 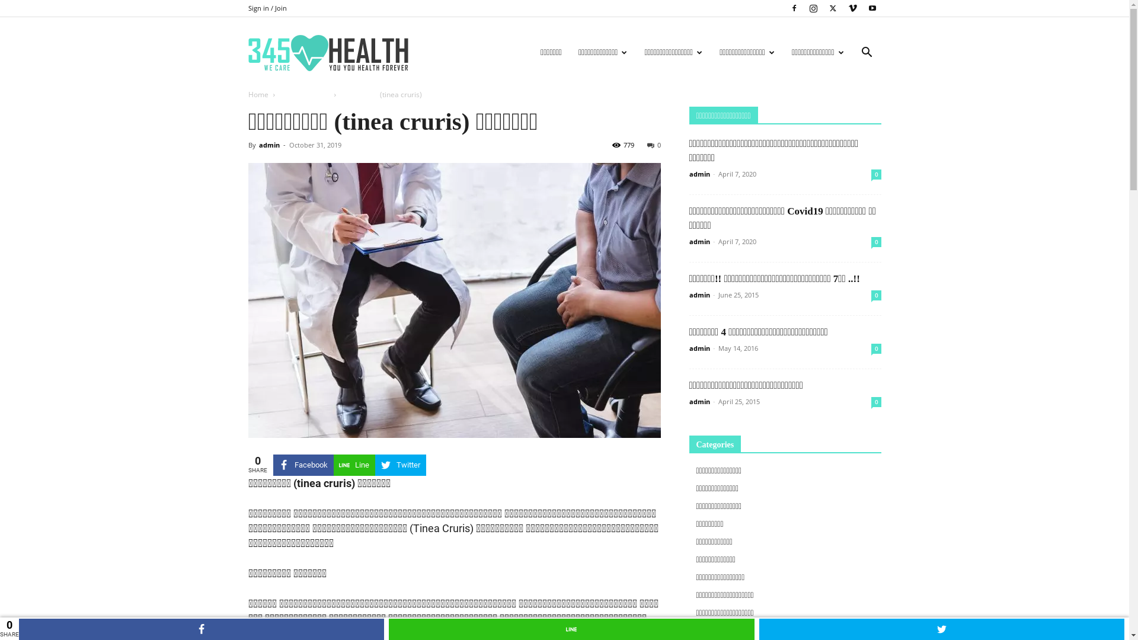 I want to click on 'Sign in / Join', so click(x=266, y=8).